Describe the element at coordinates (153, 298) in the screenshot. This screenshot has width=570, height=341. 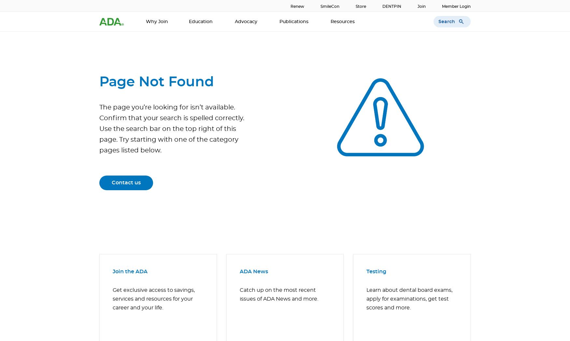
I see `'Get exclusive access to savings, services and resources for your career and your life.'` at that location.